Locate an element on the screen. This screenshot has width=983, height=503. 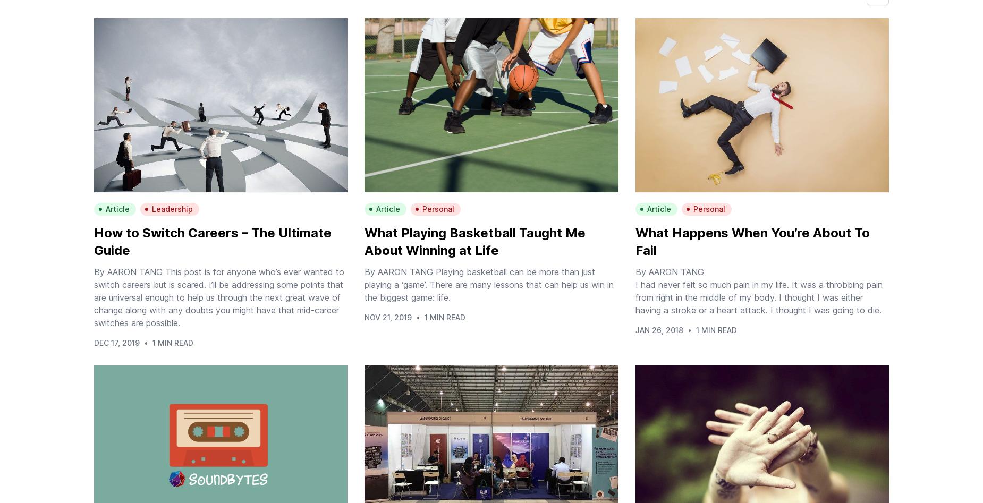
'By AARON TANG' is located at coordinates (668, 271).